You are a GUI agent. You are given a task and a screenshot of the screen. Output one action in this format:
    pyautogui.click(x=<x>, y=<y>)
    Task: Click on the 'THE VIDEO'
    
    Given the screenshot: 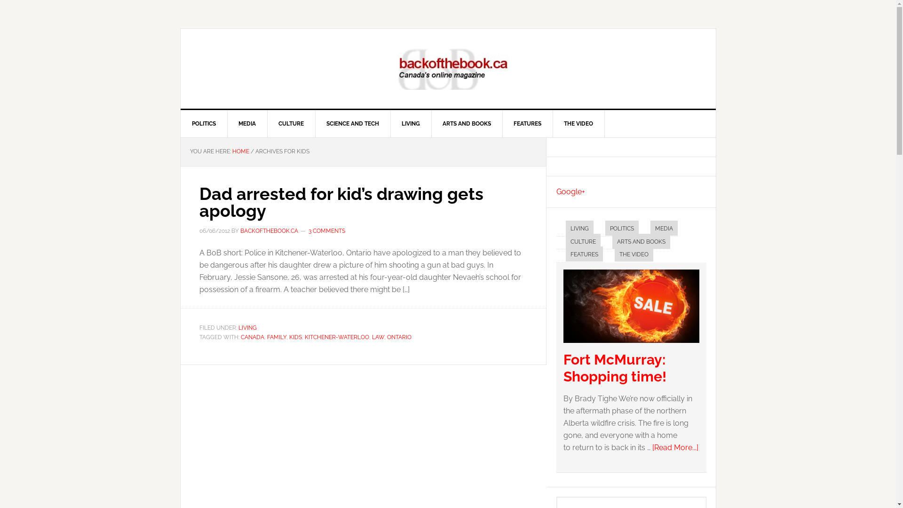 What is the action you would take?
    pyautogui.click(x=614, y=254)
    